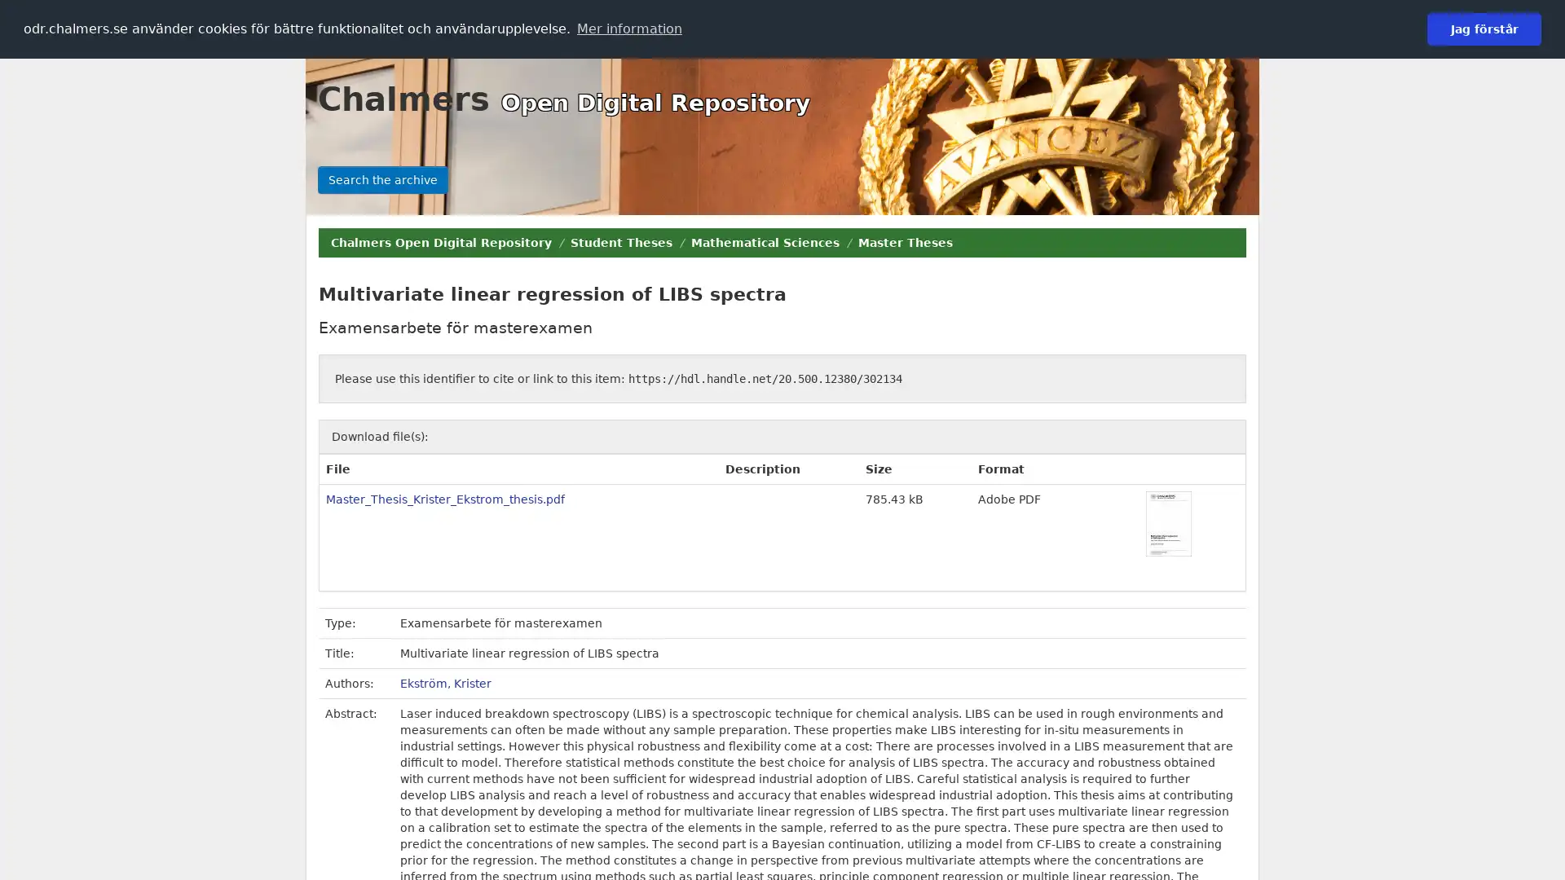 The height and width of the screenshot is (880, 1565). I want to click on dismiss cookie message, so click(1483, 29).